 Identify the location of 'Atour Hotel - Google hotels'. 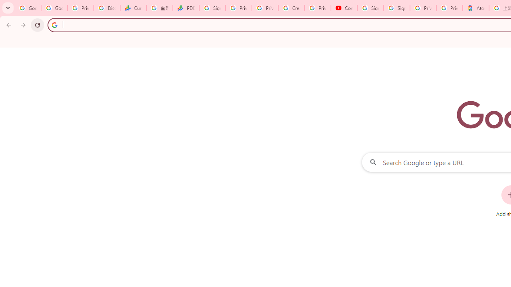
(475, 8).